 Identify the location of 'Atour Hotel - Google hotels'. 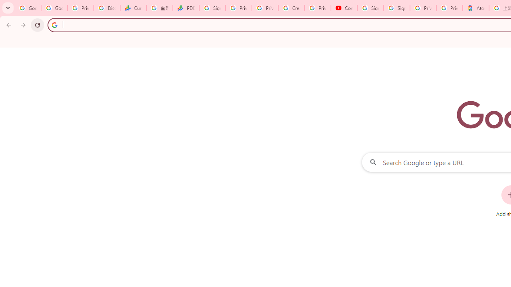
(475, 8).